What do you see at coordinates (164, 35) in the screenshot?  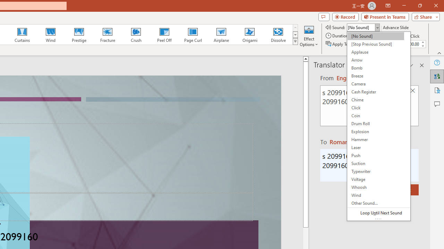 I see `'Peel Off'` at bounding box center [164, 35].